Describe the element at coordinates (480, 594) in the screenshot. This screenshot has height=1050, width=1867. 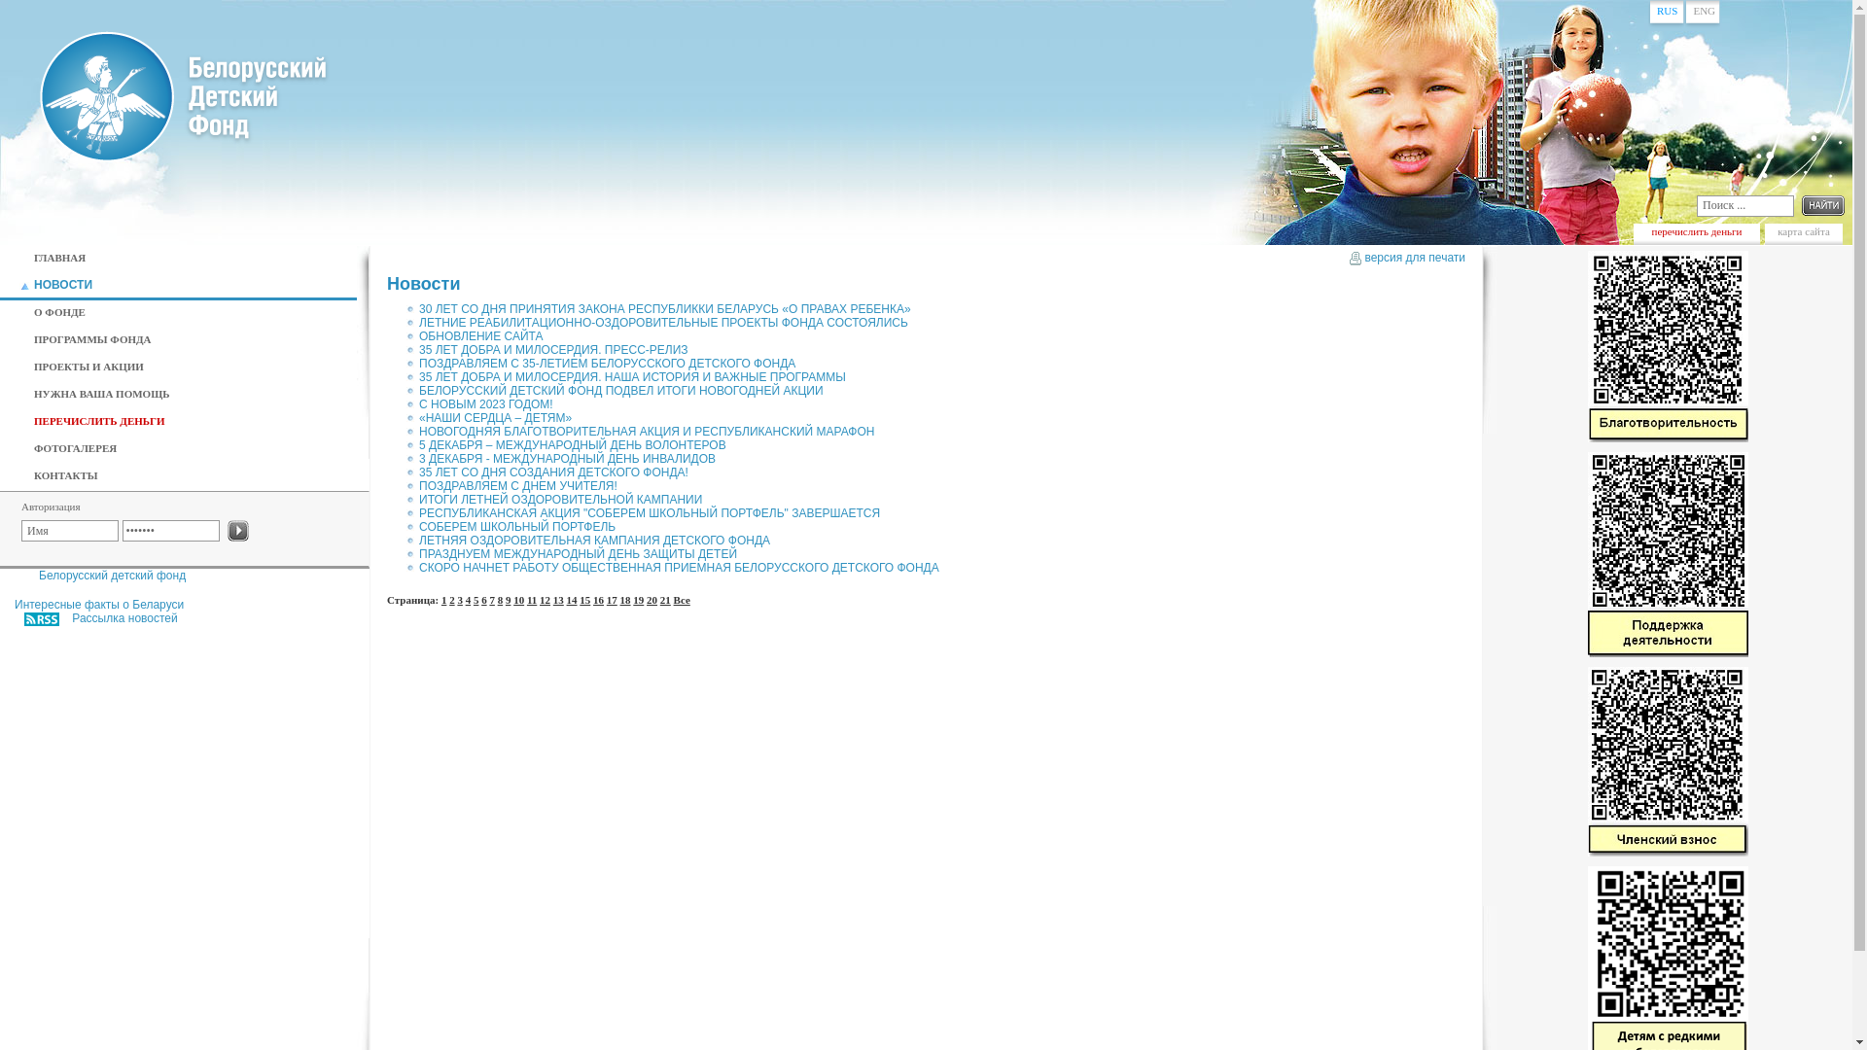
I see `'6'` at that location.